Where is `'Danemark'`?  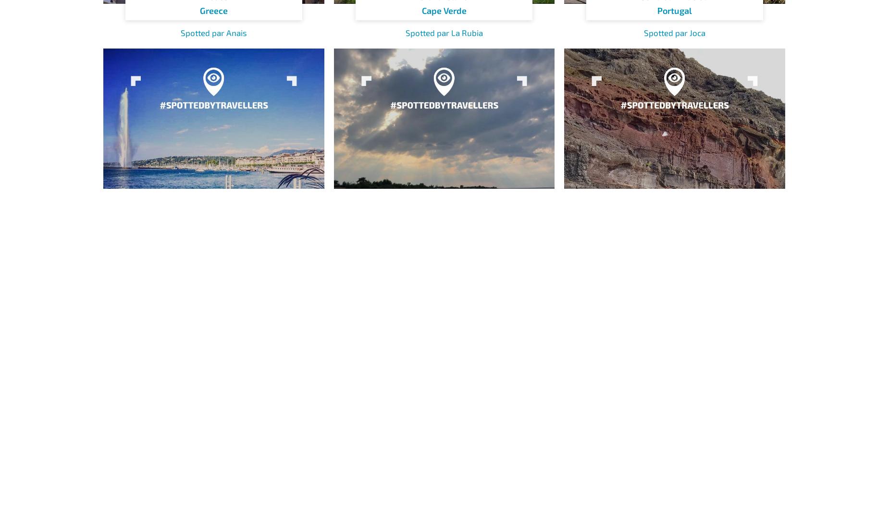
'Danemark' is located at coordinates (444, 275).